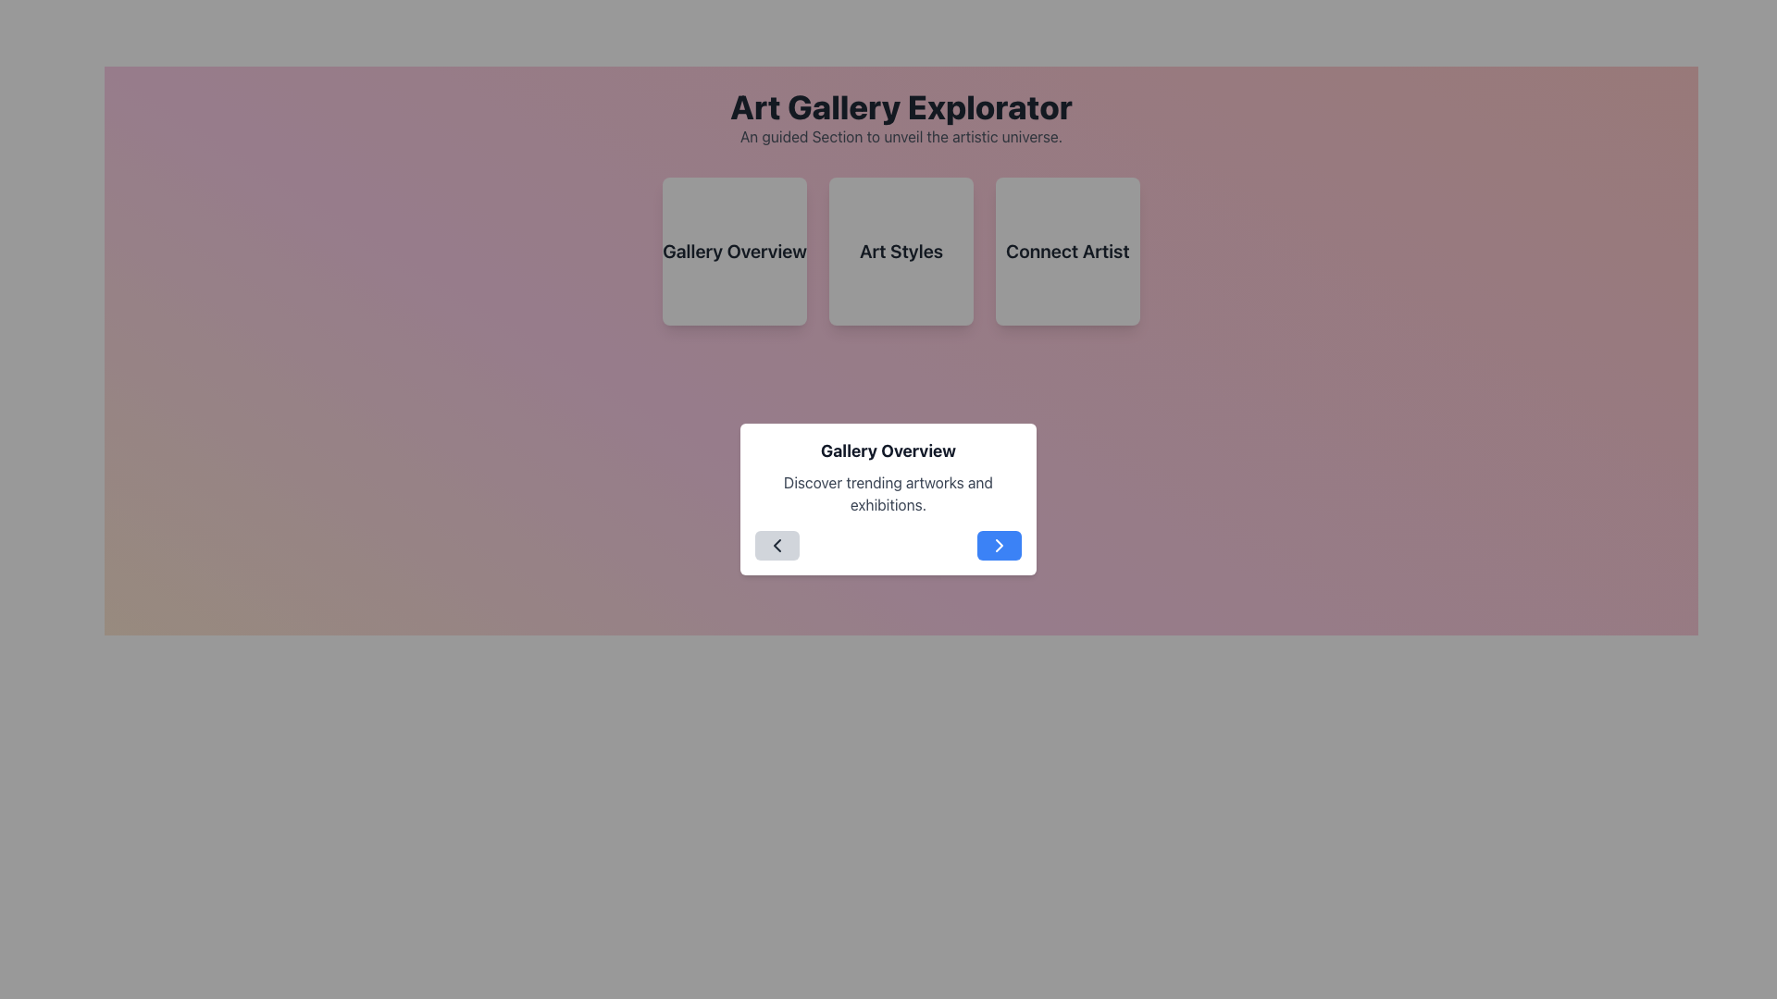 This screenshot has height=999, width=1777. Describe the element at coordinates (777, 545) in the screenshot. I see `the light gray button with rounded corners and a left-pointing chevron icon, which is the first button in a horizontal arrangement` at that location.